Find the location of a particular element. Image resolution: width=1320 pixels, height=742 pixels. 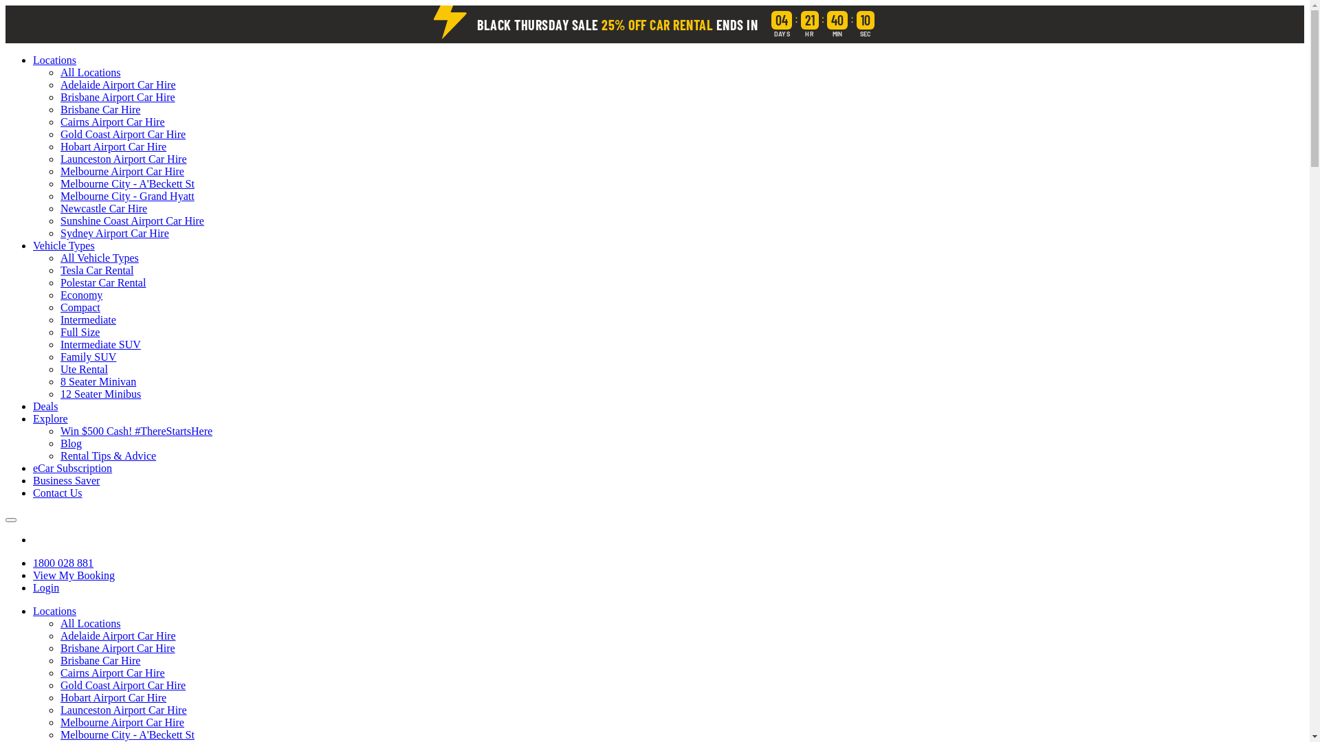

'Deals' is located at coordinates (45, 405).